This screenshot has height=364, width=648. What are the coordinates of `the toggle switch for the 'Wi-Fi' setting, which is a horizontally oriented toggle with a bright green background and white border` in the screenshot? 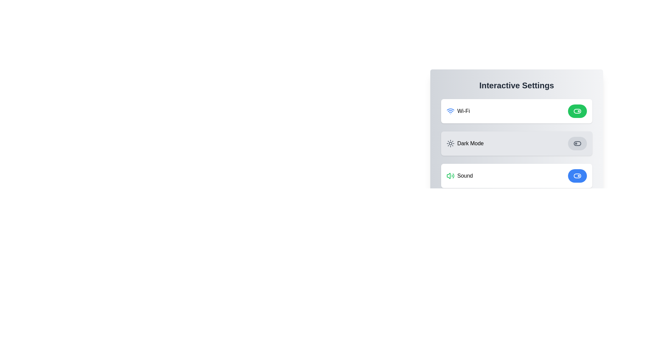 It's located at (577, 111).